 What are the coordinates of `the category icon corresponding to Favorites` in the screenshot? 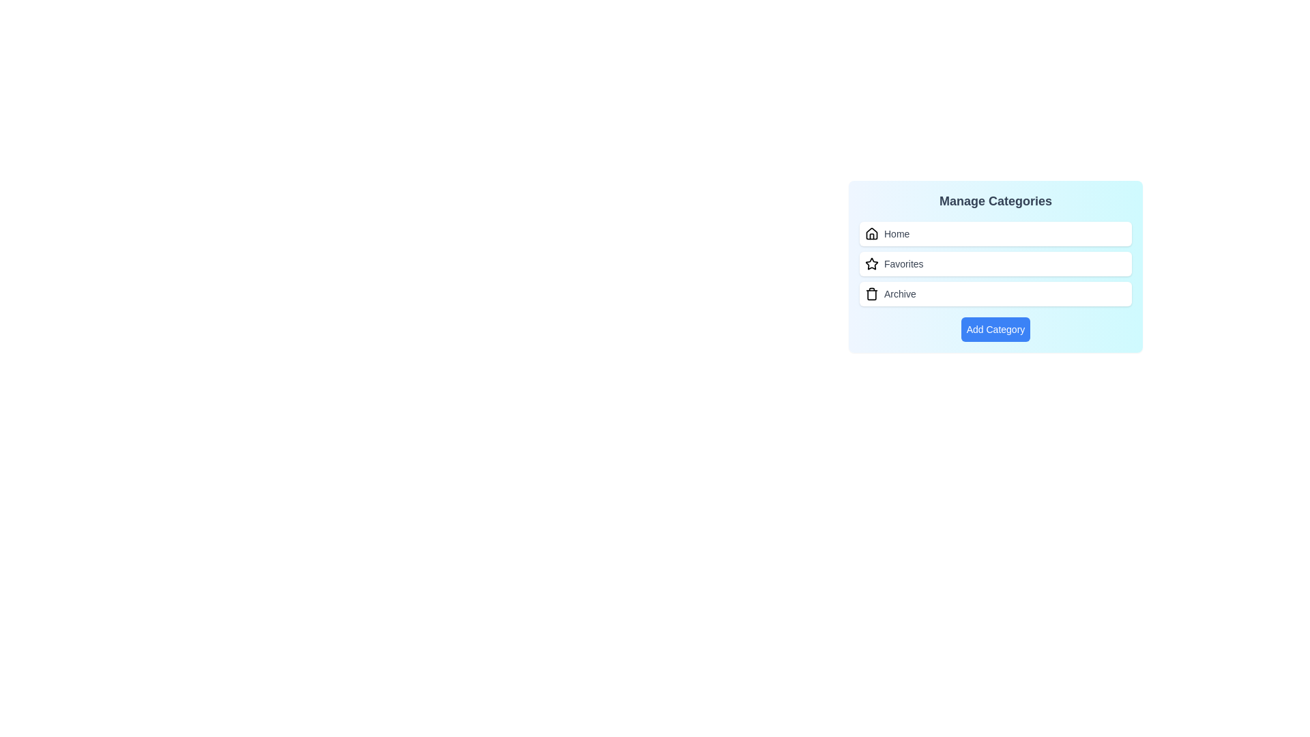 It's located at (871, 263).